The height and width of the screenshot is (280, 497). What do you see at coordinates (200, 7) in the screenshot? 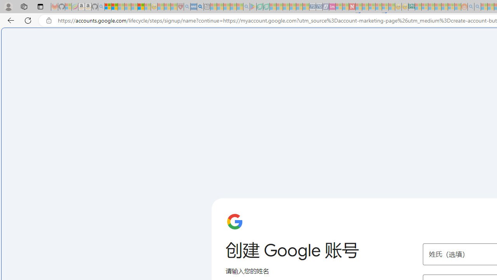
I see `'utah sues federal government - Search'` at bounding box center [200, 7].